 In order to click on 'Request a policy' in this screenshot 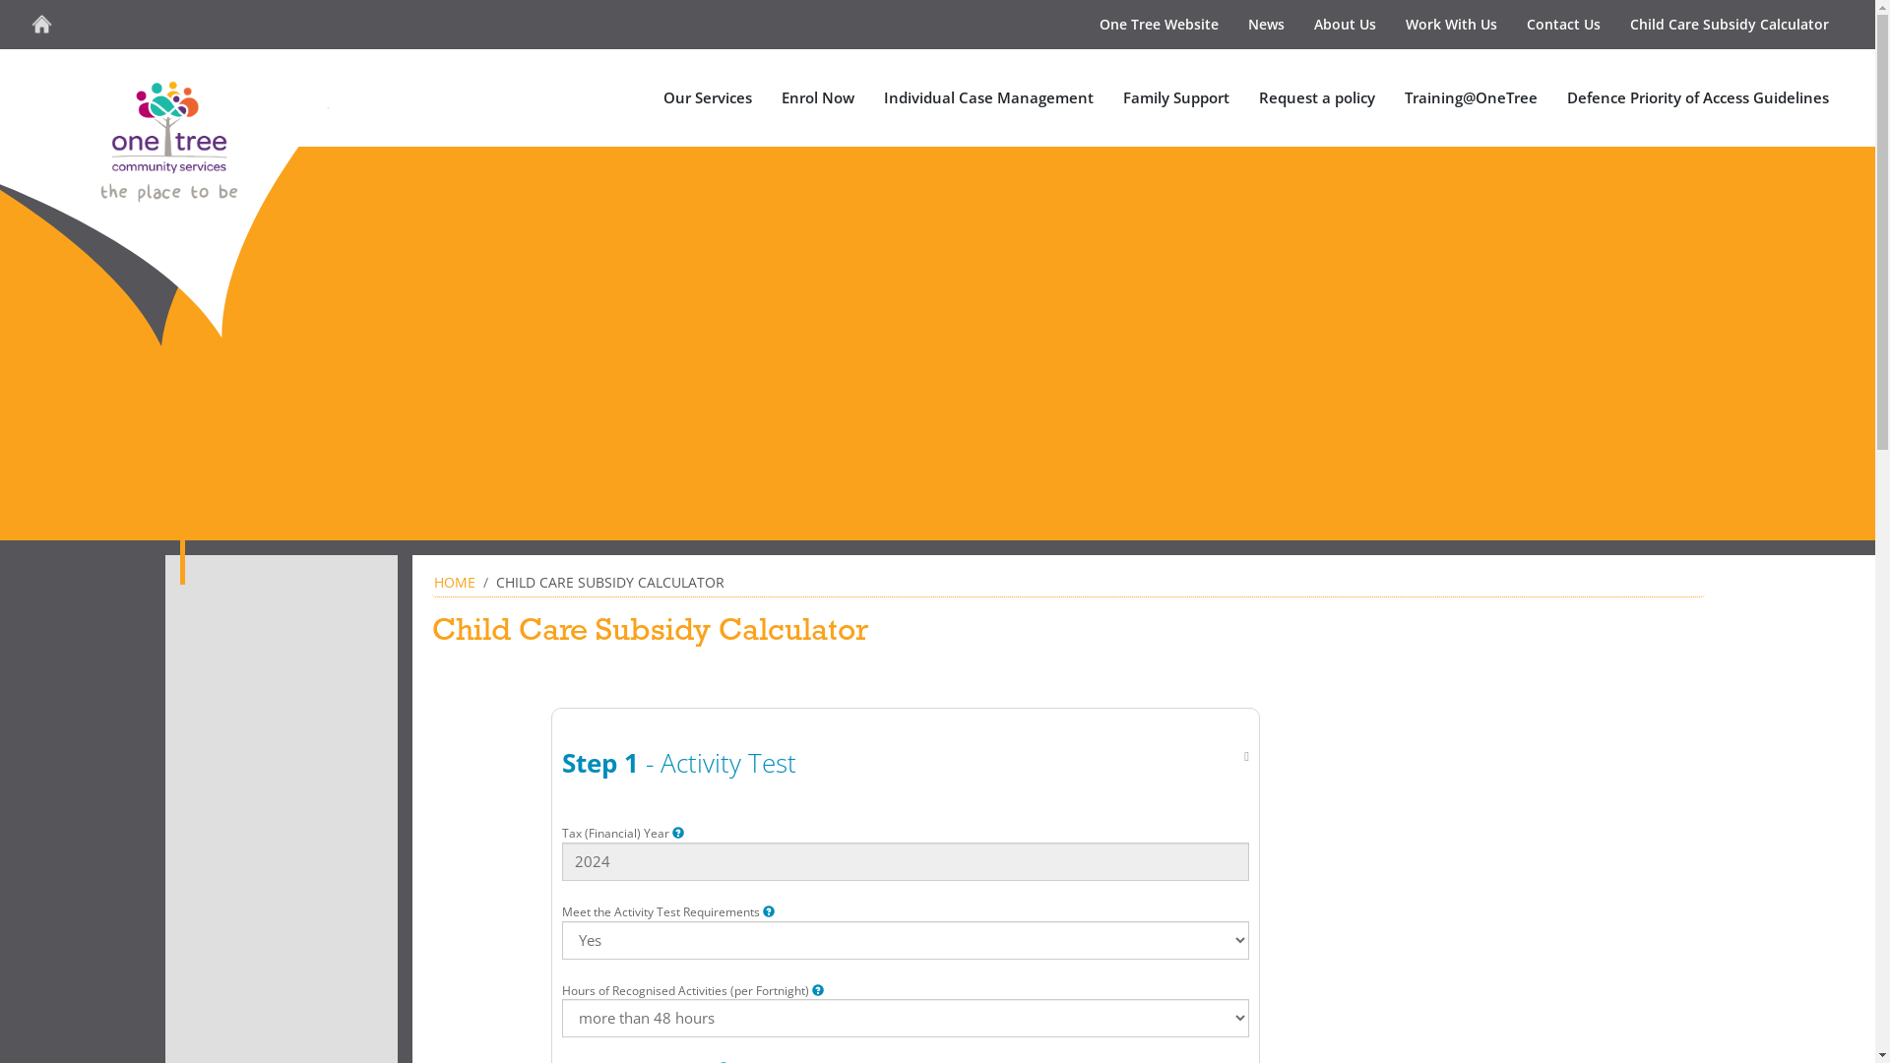, I will do `click(1242, 97)`.